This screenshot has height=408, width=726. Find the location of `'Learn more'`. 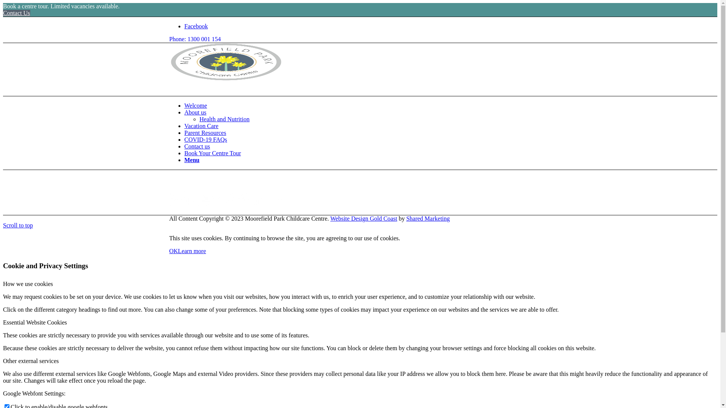

'Learn more' is located at coordinates (192, 251).